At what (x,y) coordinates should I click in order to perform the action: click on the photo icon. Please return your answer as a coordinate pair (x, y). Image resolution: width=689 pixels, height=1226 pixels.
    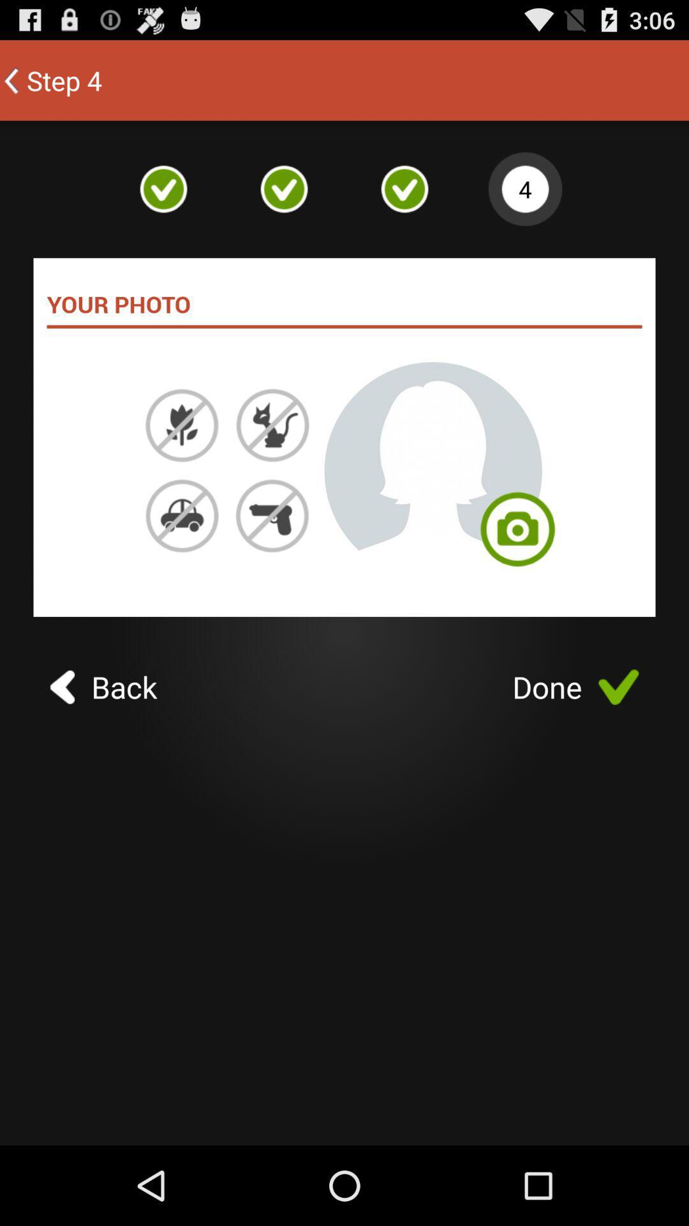
    Looking at the image, I should click on (517, 573).